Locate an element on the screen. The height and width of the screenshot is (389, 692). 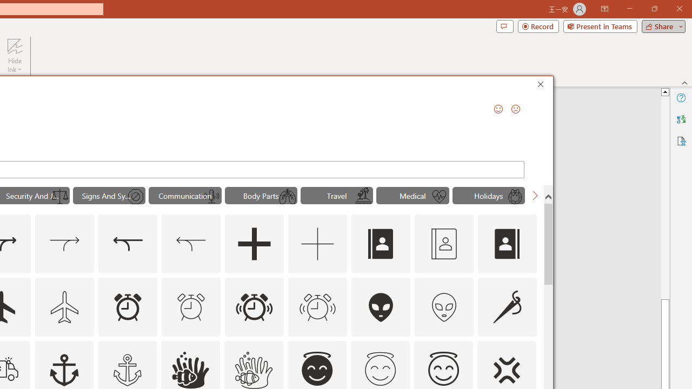
'"Holidays" Icons.' is located at coordinates (488, 196).